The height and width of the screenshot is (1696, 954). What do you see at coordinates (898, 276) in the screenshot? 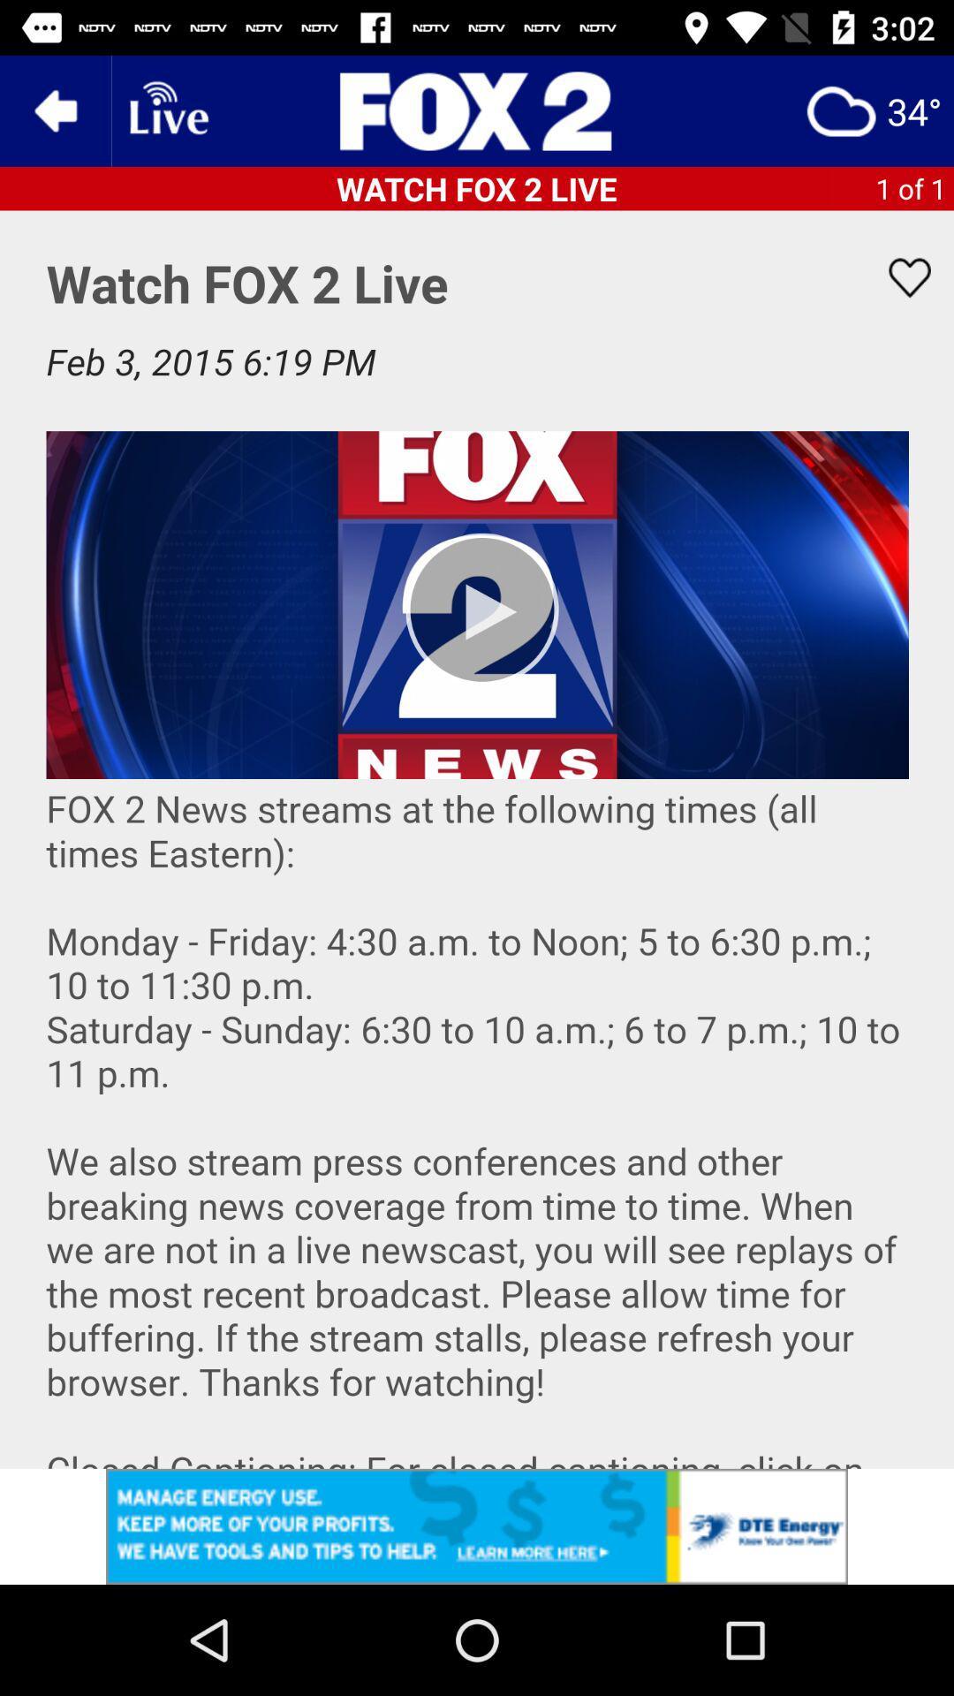
I see `the favorite icon` at bounding box center [898, 276].